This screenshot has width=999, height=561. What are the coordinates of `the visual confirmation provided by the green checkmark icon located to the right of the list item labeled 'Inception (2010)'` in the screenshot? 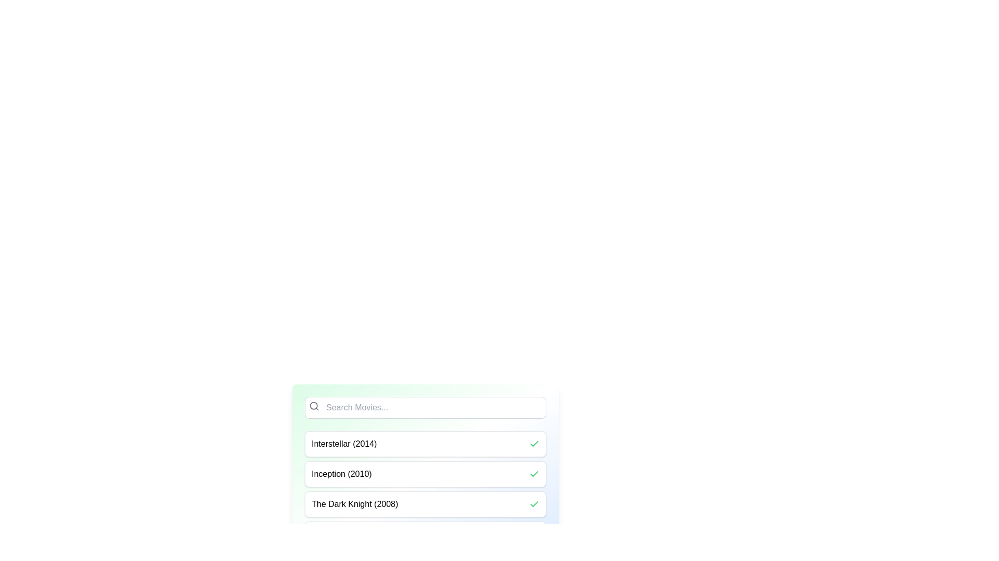 It's located at (534, 444).